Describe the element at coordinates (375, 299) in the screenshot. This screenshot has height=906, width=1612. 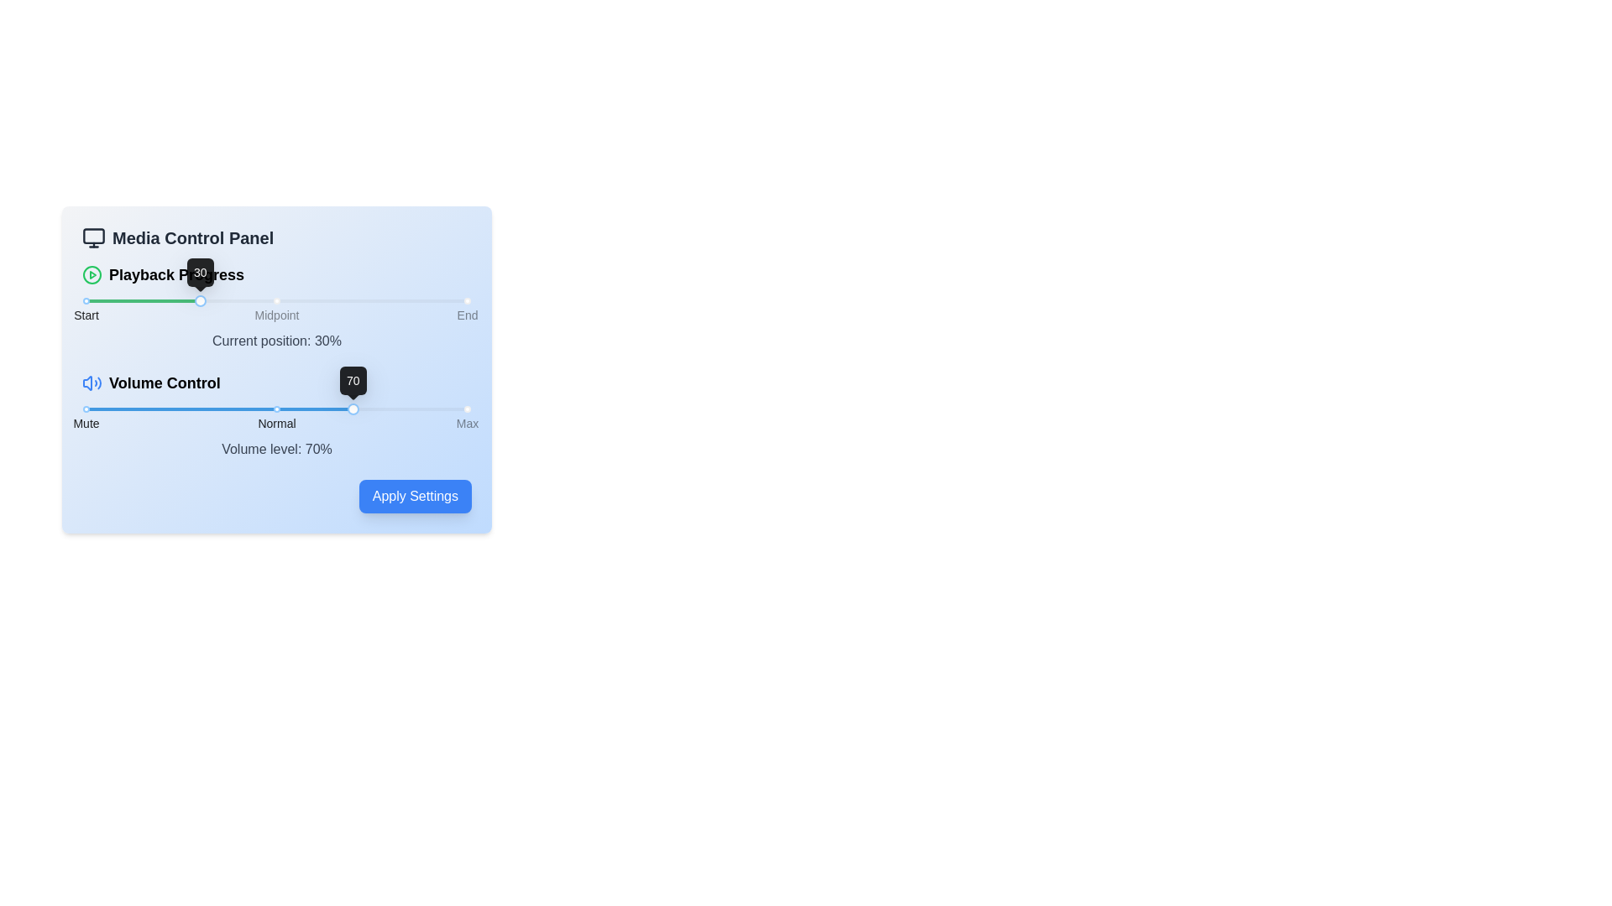
I see `playback position` at that location.